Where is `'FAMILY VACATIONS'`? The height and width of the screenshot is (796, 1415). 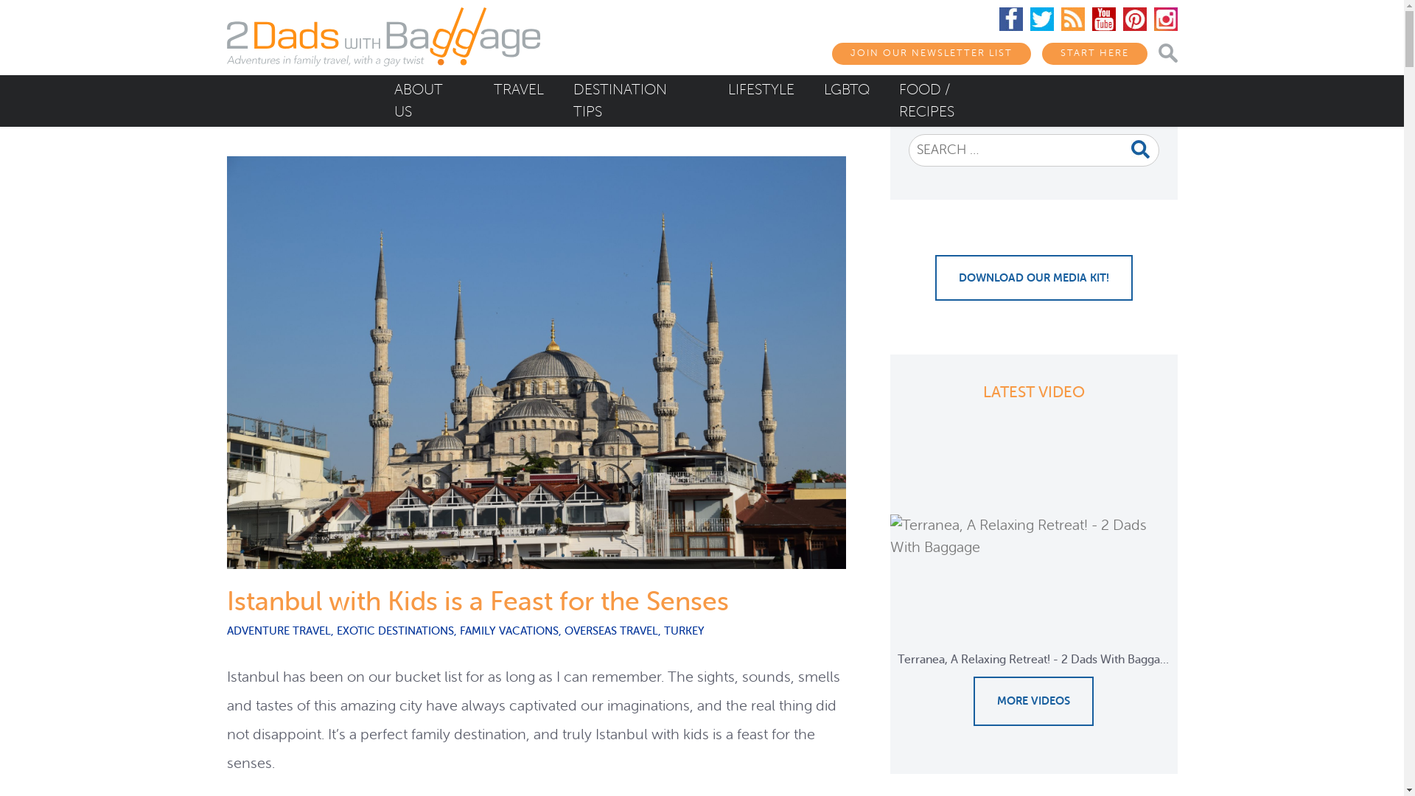 'FAMILY VACATIONS' is located at coordinates (509, 630).